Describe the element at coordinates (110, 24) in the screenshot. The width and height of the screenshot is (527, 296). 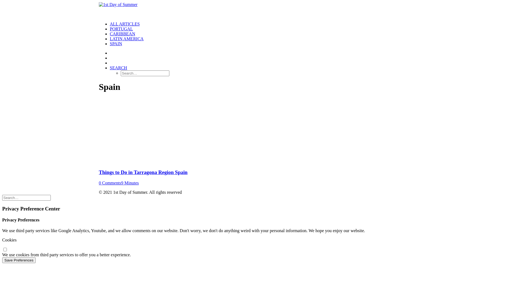
I see `'ALL ARTICLES'` at that location.